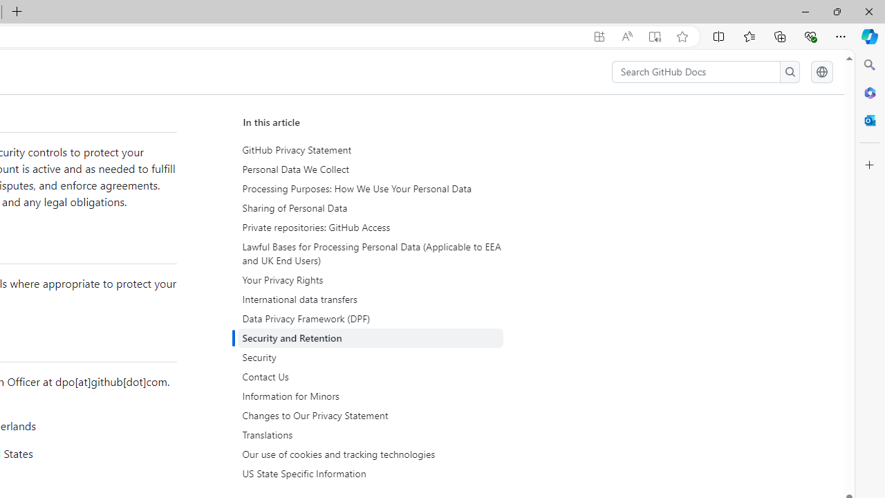  I want to click on 'Our use of cookies and tracking technologies', so click(372, 454).